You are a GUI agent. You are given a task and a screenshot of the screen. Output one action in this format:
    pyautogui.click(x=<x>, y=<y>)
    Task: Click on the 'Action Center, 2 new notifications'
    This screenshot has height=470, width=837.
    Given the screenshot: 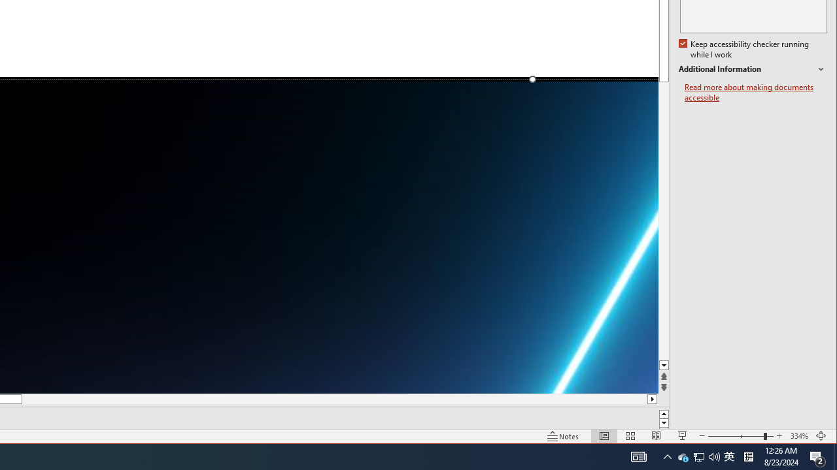 What is the action you would take?
    pyautogui.click(x=817, y=456)
    